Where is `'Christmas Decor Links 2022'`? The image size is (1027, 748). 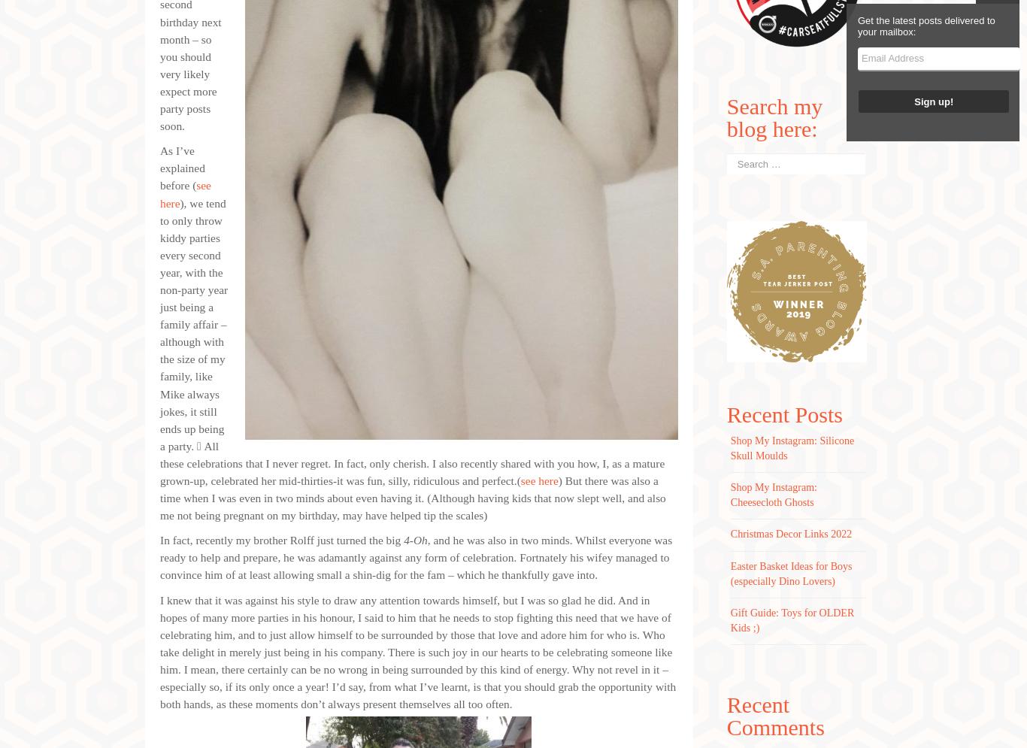
'Christmas Decor Links 2022' is located at coordinates (729, 534).